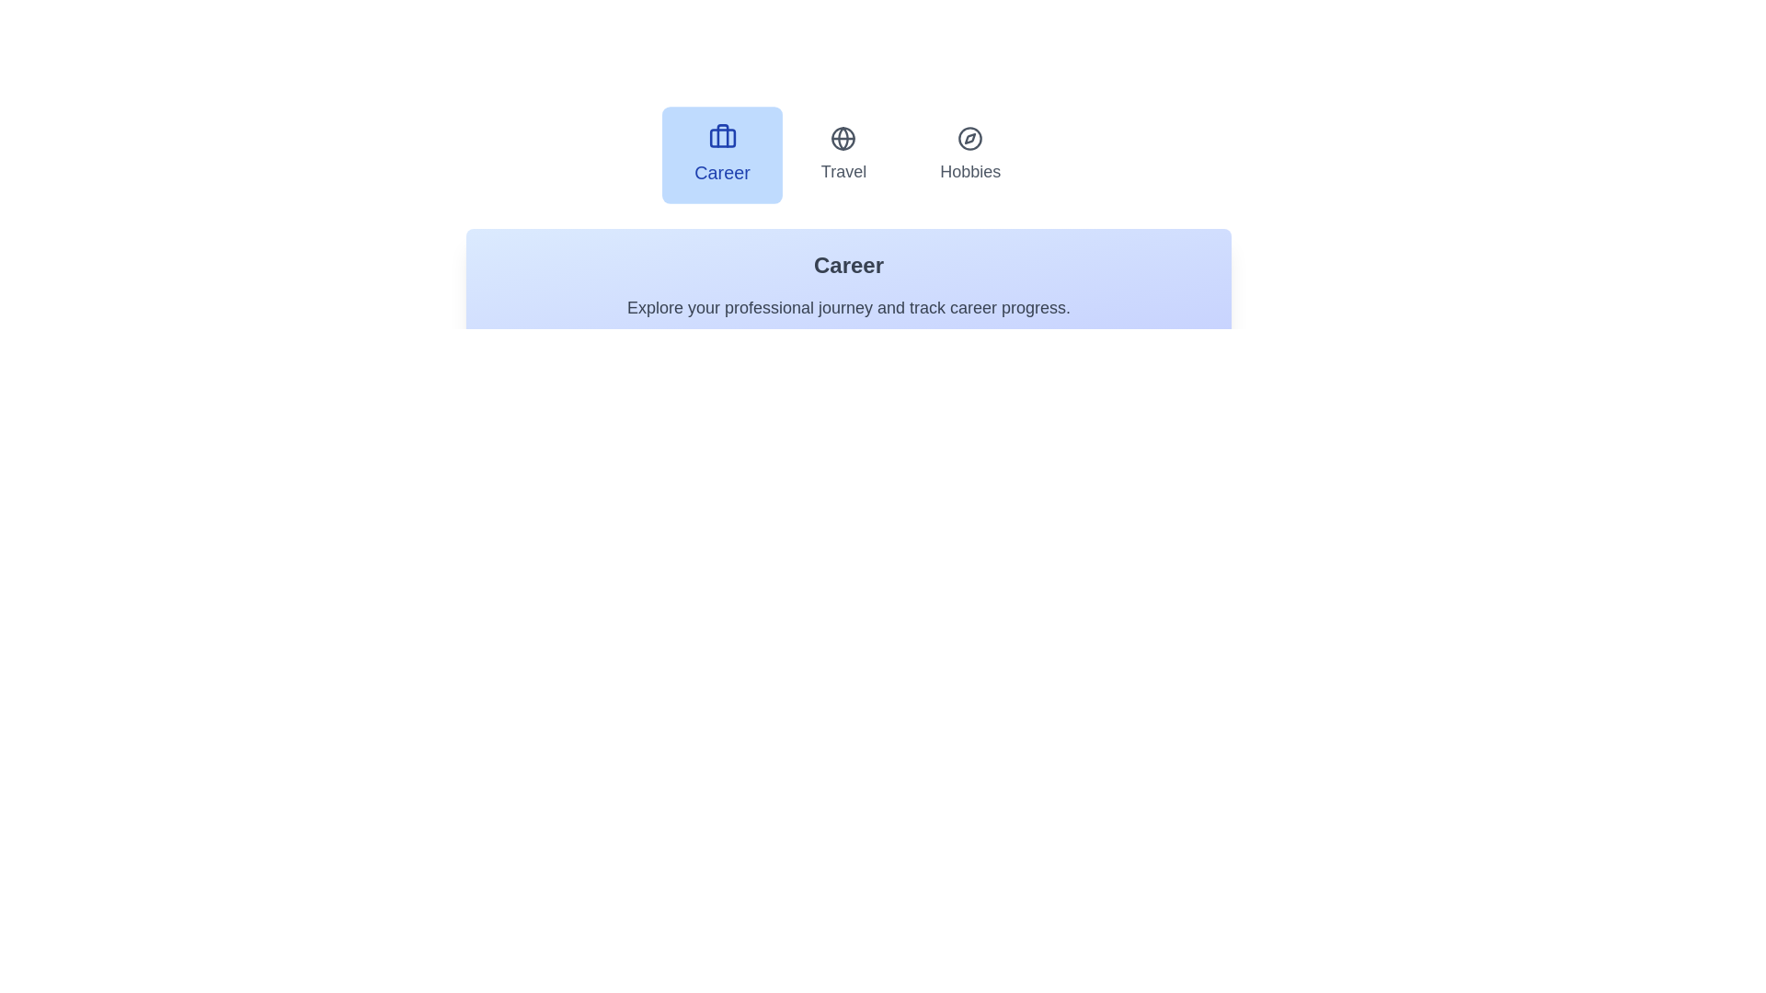  I want to click on the tab labeled Hobbies to switch its content, so click(969, 154).